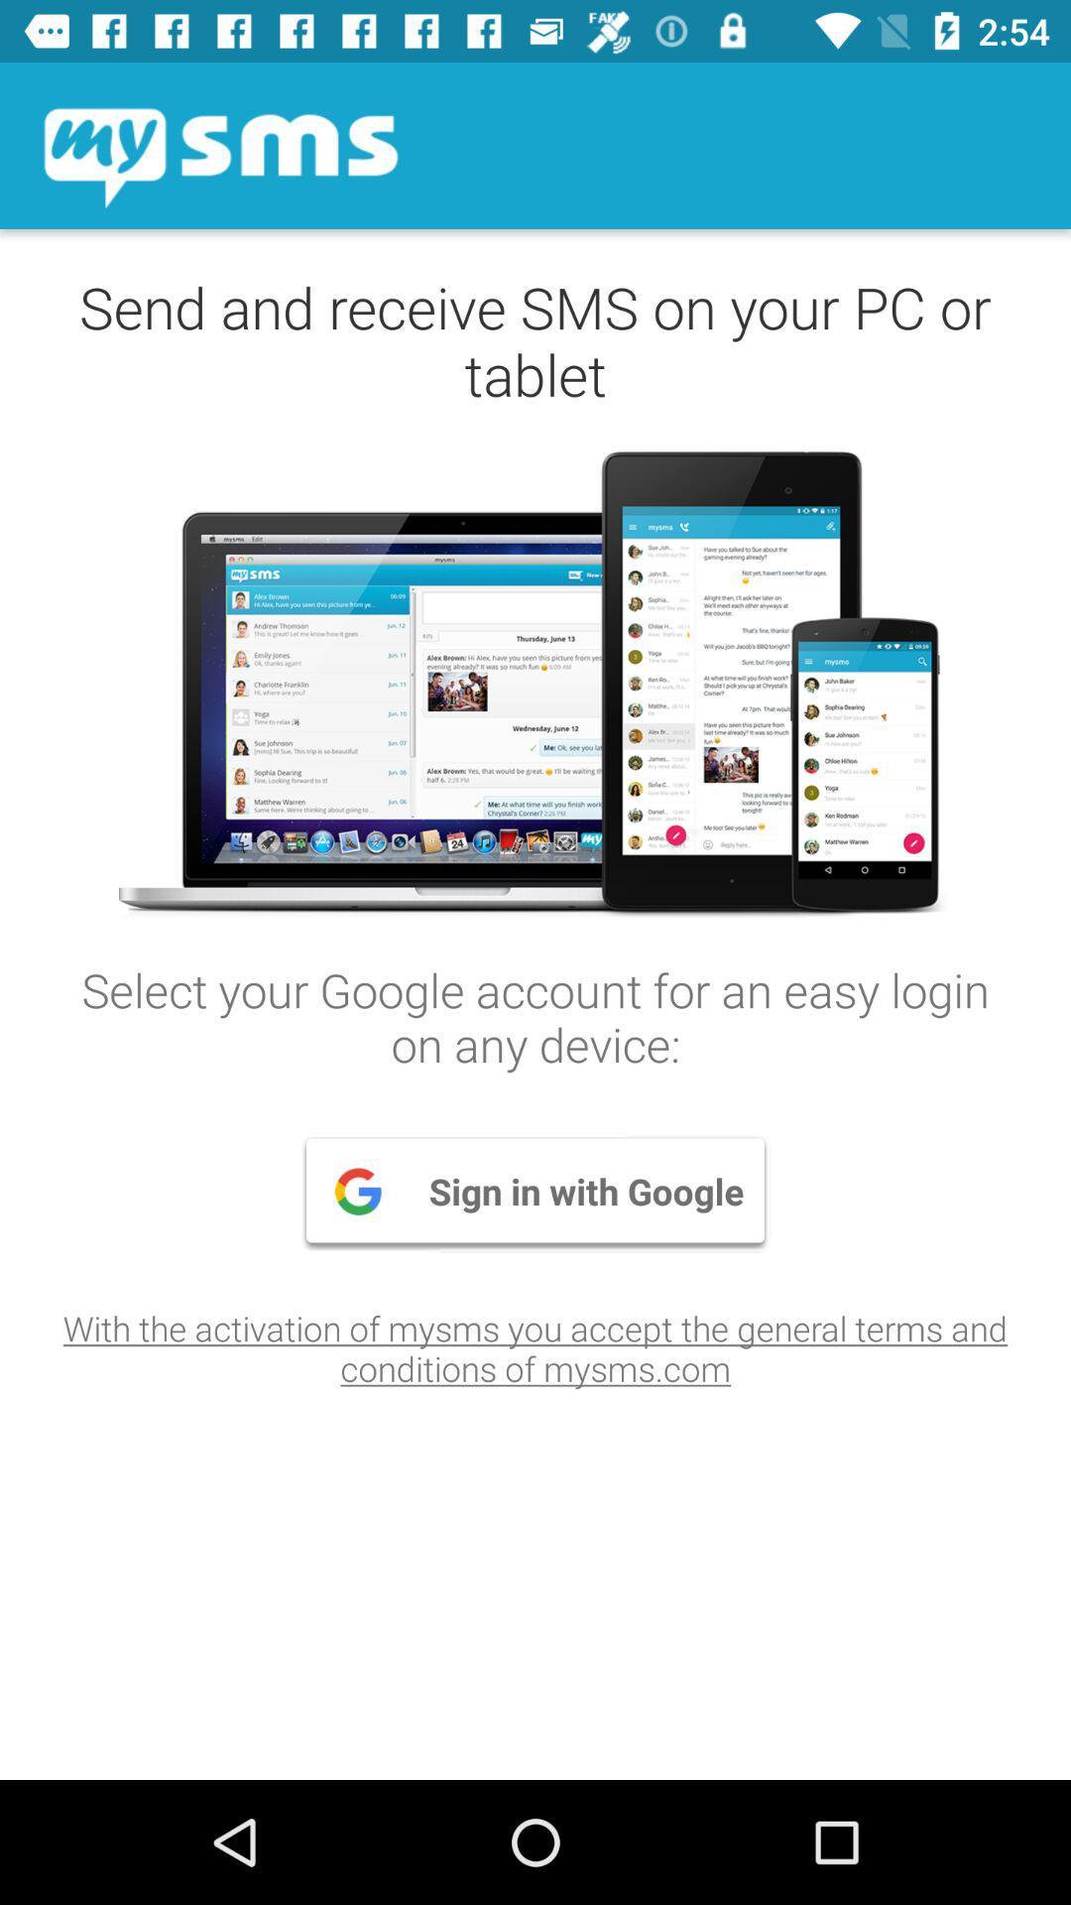  What do you see at coordinates (535, 1347) in the screenshot?
I see `with the activation icon` at bounding box center [535, 1347].